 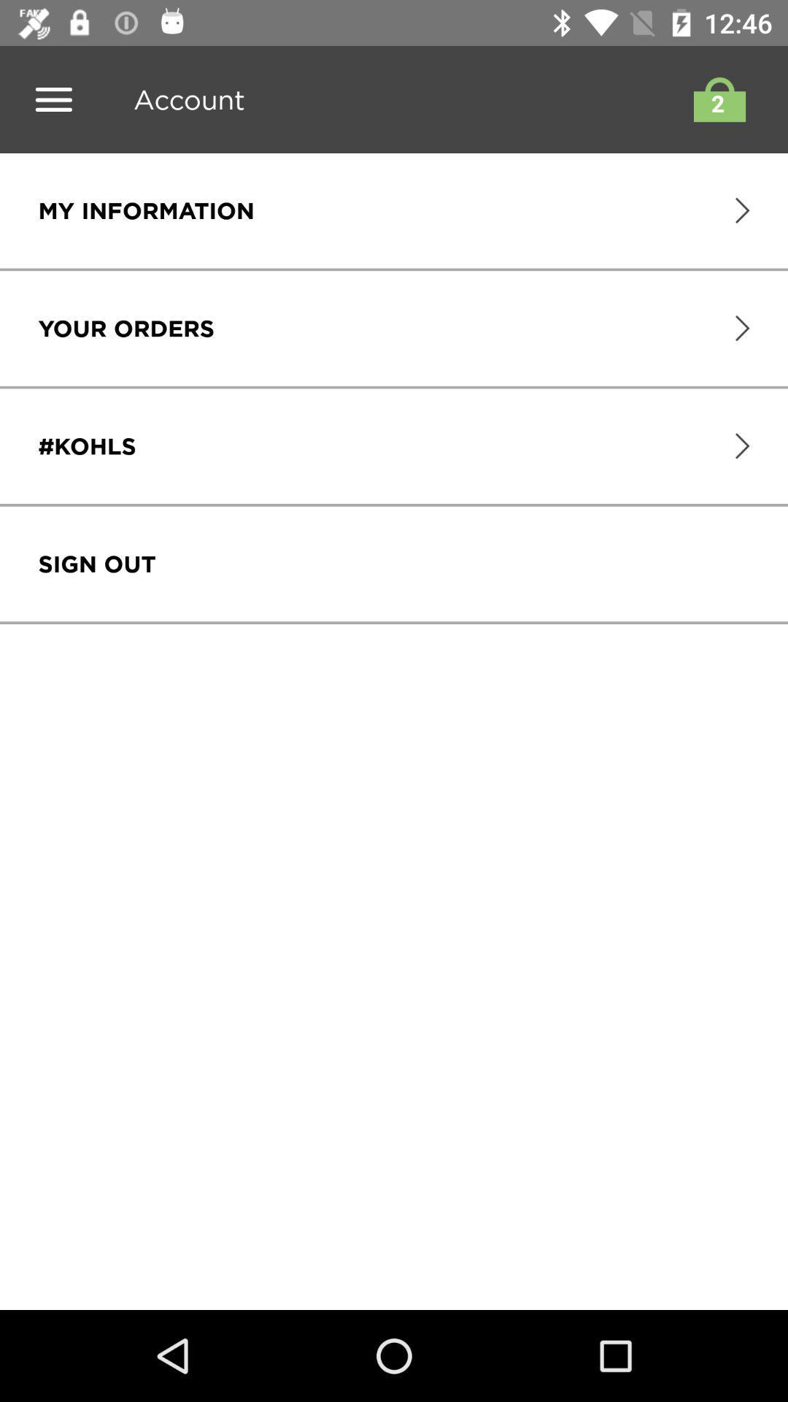 I want to click on #kohls item, so click(x=87, y=445).